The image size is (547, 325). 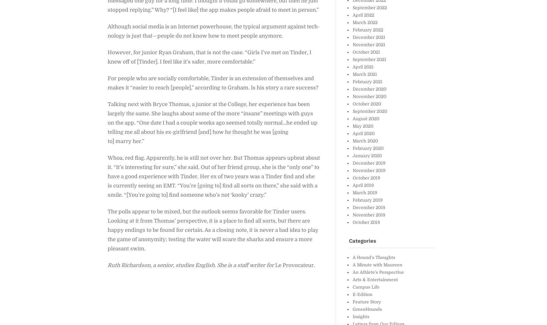 What do you see at coordinates (360, 316) in the screenshot?
I see `'In­sights'` at bounding box center [360, 316].